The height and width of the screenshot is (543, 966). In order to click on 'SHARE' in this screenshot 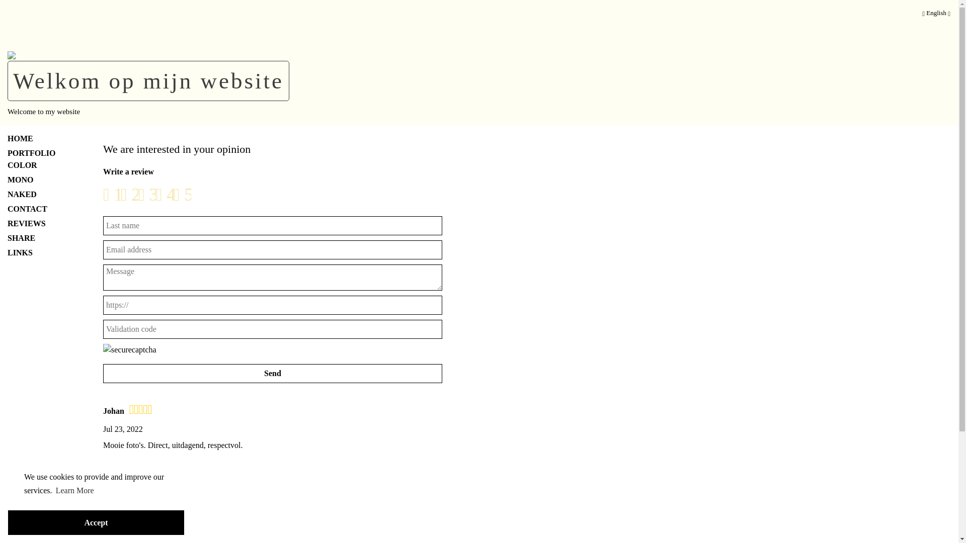, I will do `click(40, 238)`.